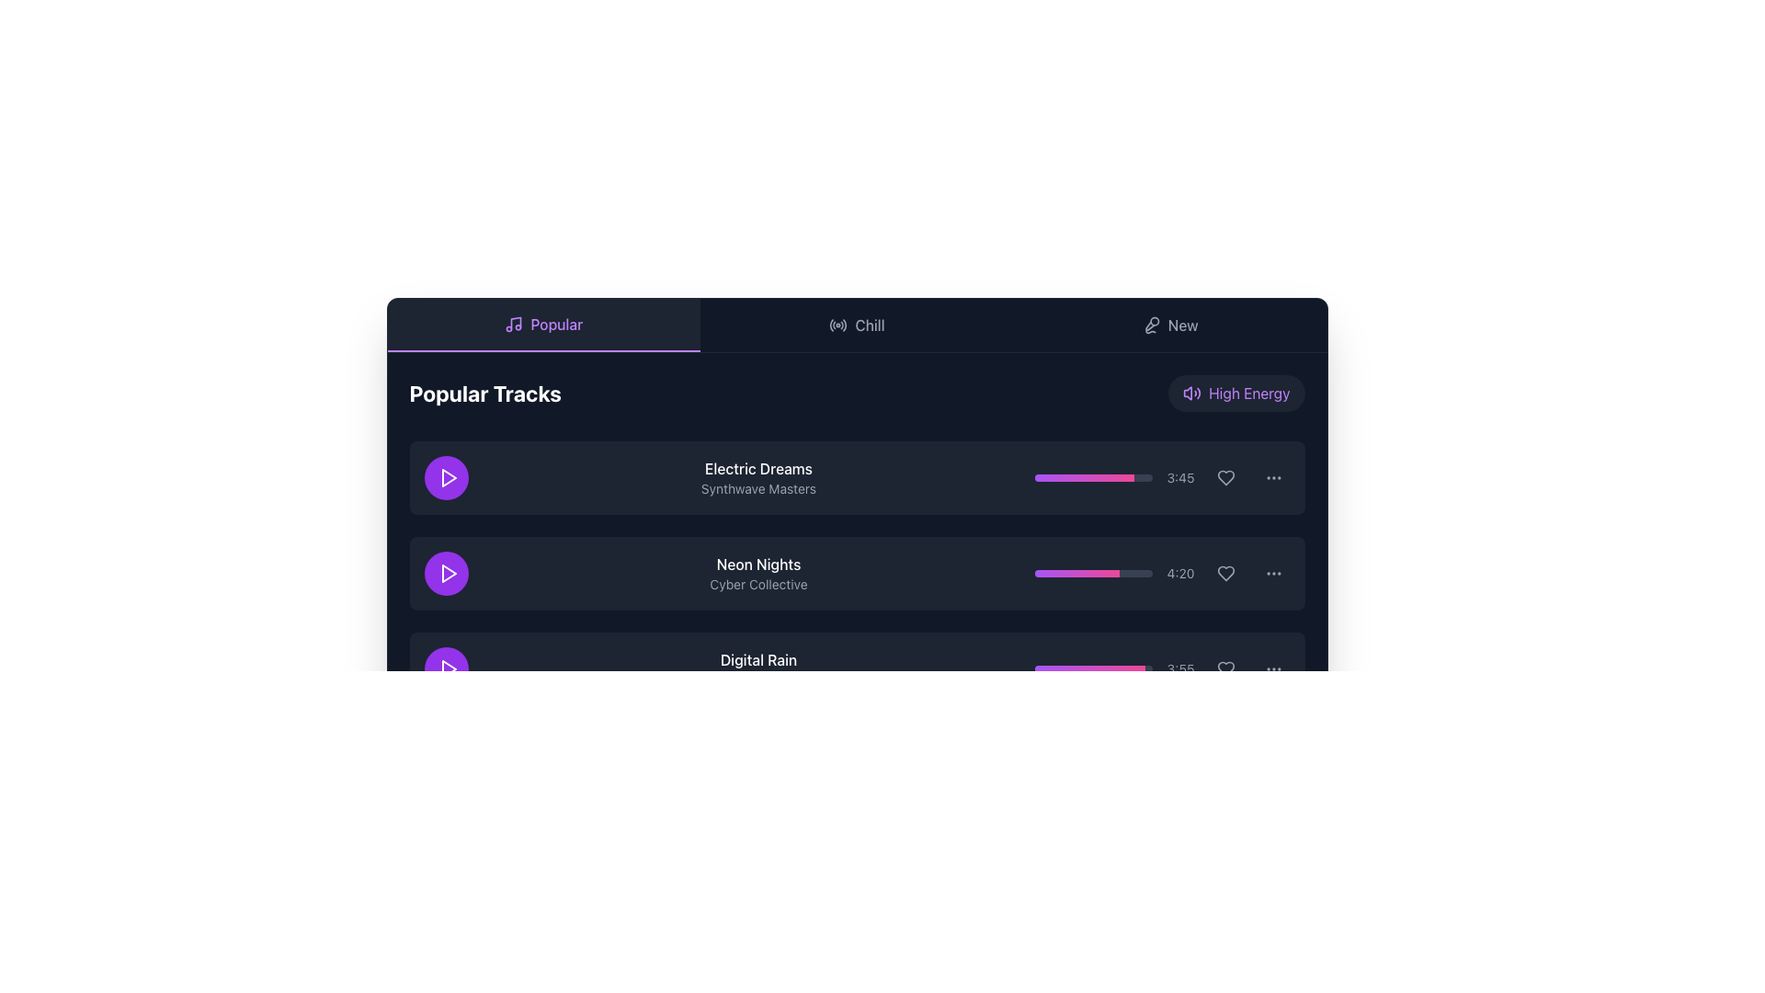 Image resolution: width=1765 pixels, height=993 pixels. What do you see at coordinates (1089, 669) in the screenshot?
I see `the visual state of the progress indicator for the track 'Digital Rain' located inside the progress bar below the track title` at bounding box center [1089, 669].